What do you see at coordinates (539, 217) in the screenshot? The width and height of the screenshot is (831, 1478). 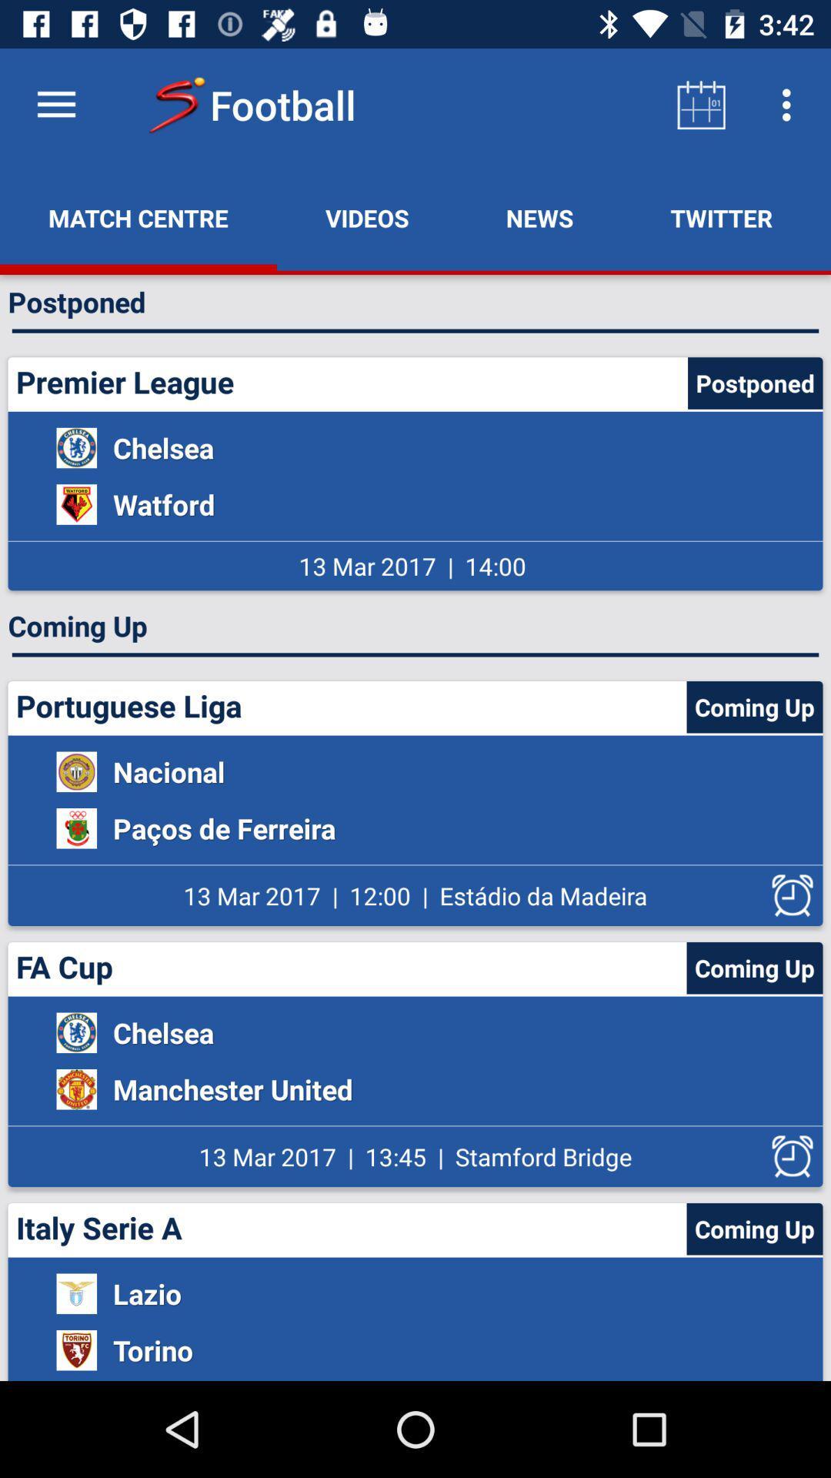 I see `news item` at bounding box center [539, 217].